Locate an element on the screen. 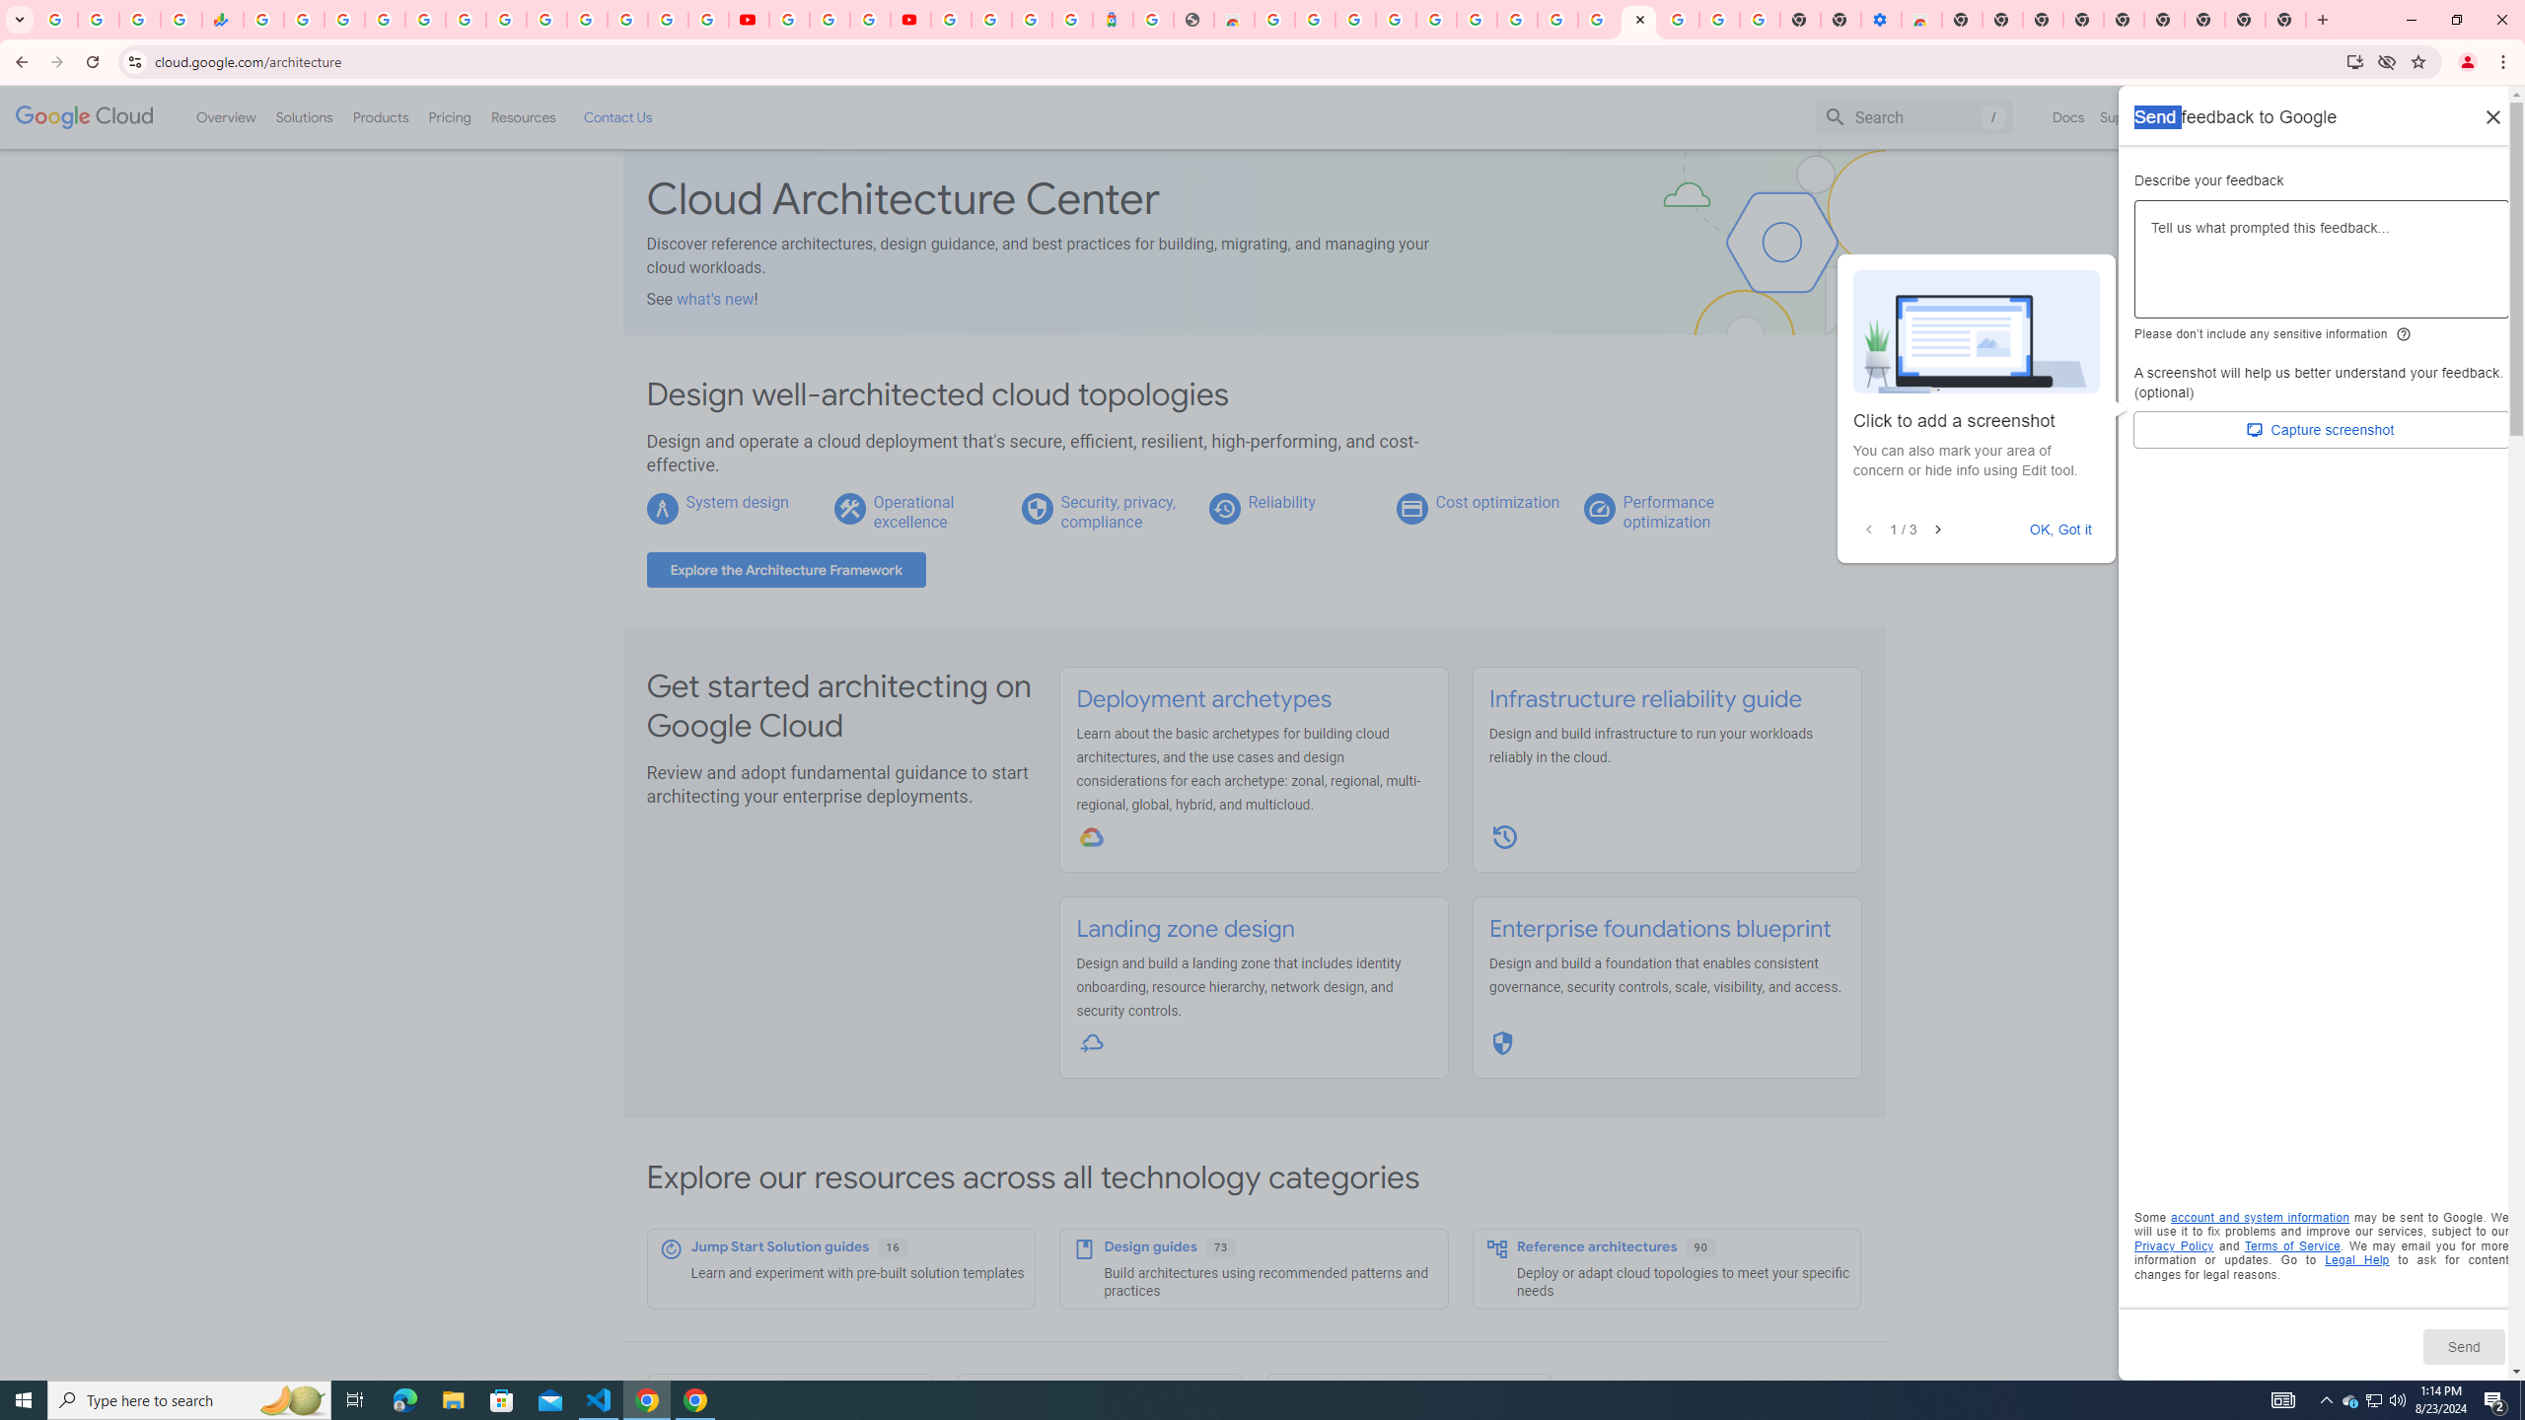 This screenshot has width=2525, height=1420. 'account and system information' is located at coordinates (2260, 1217).